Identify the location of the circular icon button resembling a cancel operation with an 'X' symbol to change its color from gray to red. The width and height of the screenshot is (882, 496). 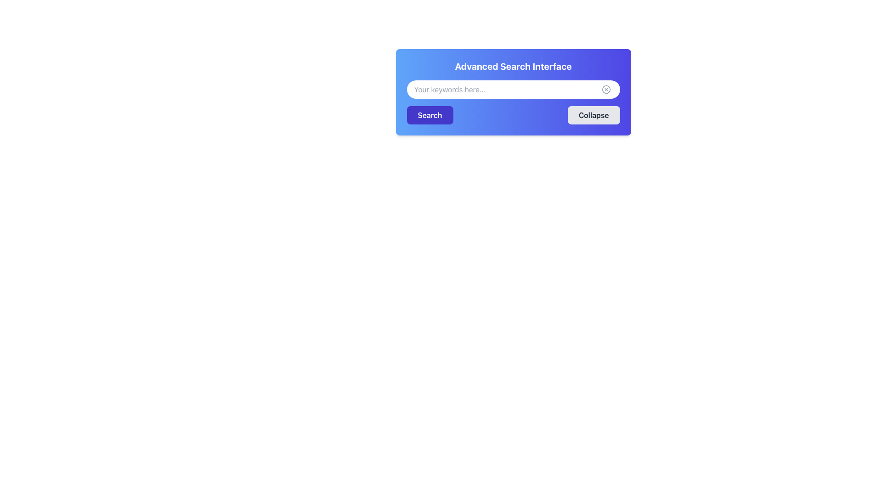
(606, 90).